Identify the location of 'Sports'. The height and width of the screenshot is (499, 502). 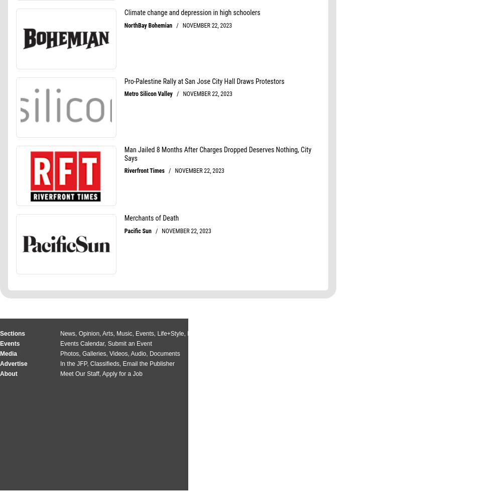
(230, 334).